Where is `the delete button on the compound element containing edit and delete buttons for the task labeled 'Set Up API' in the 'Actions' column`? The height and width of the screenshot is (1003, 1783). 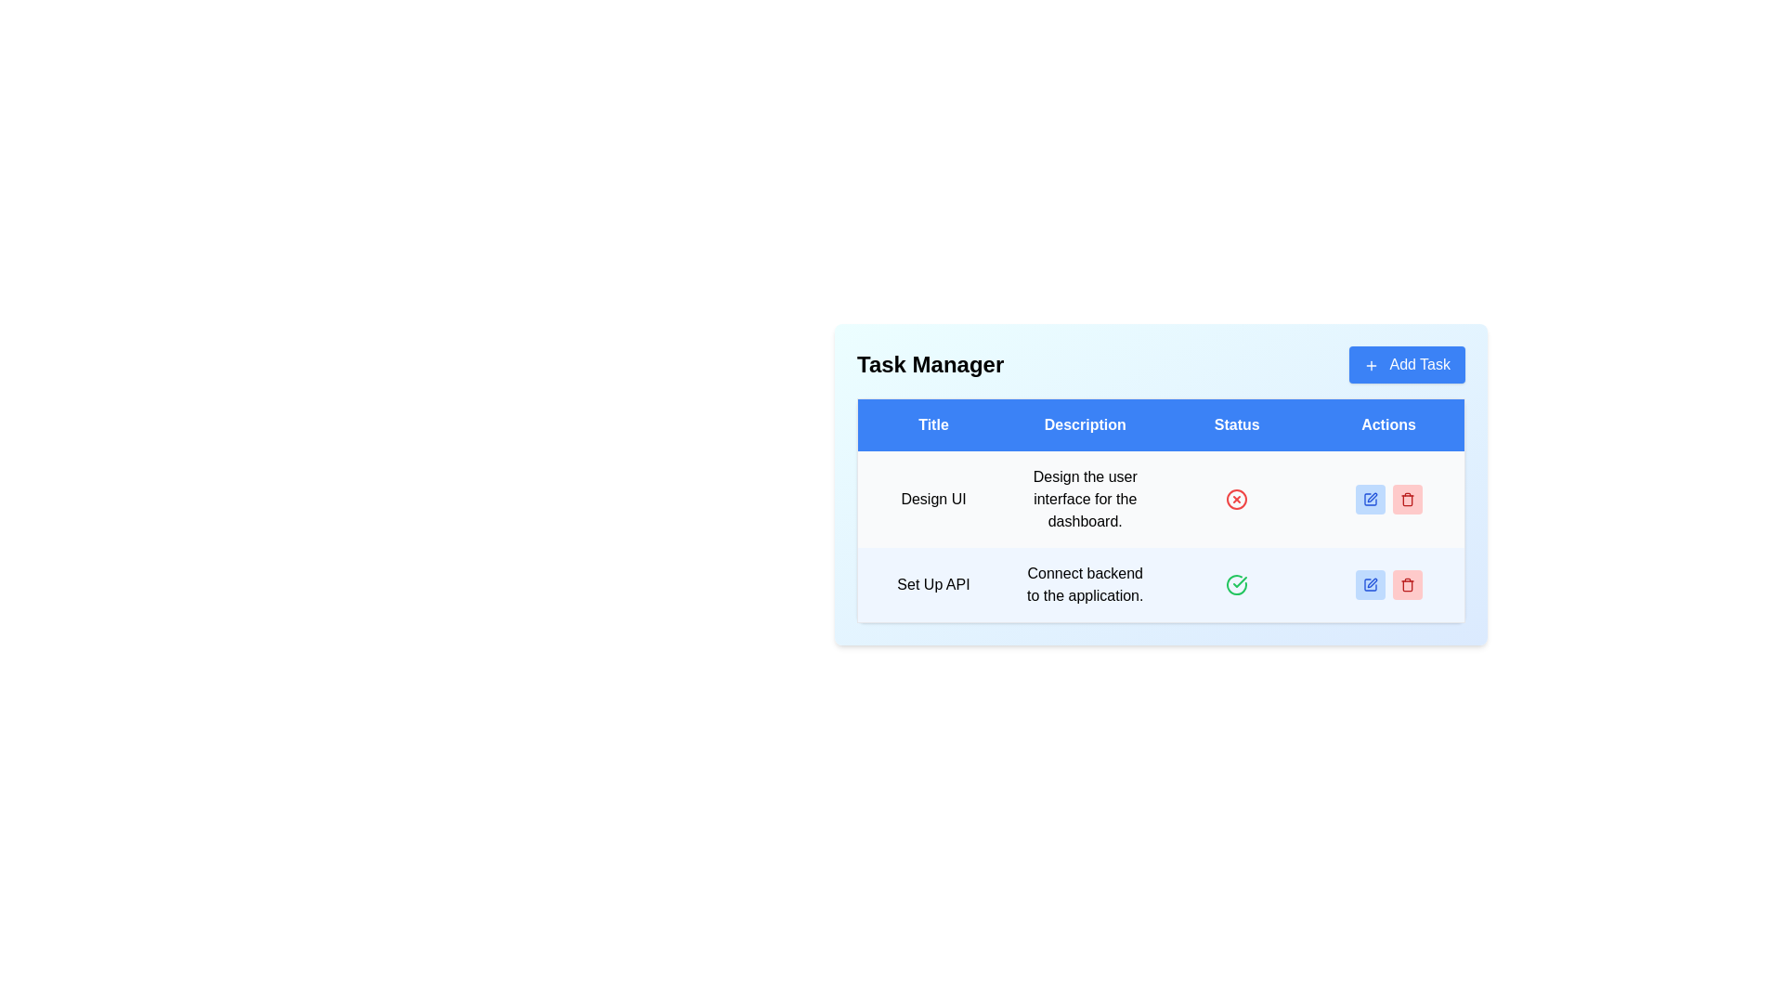 the delete button on the compound element containing edit and delete buttons for the task labeled 'Set Up API' in the 'Actions' column is located at coordinates (1388, 583).